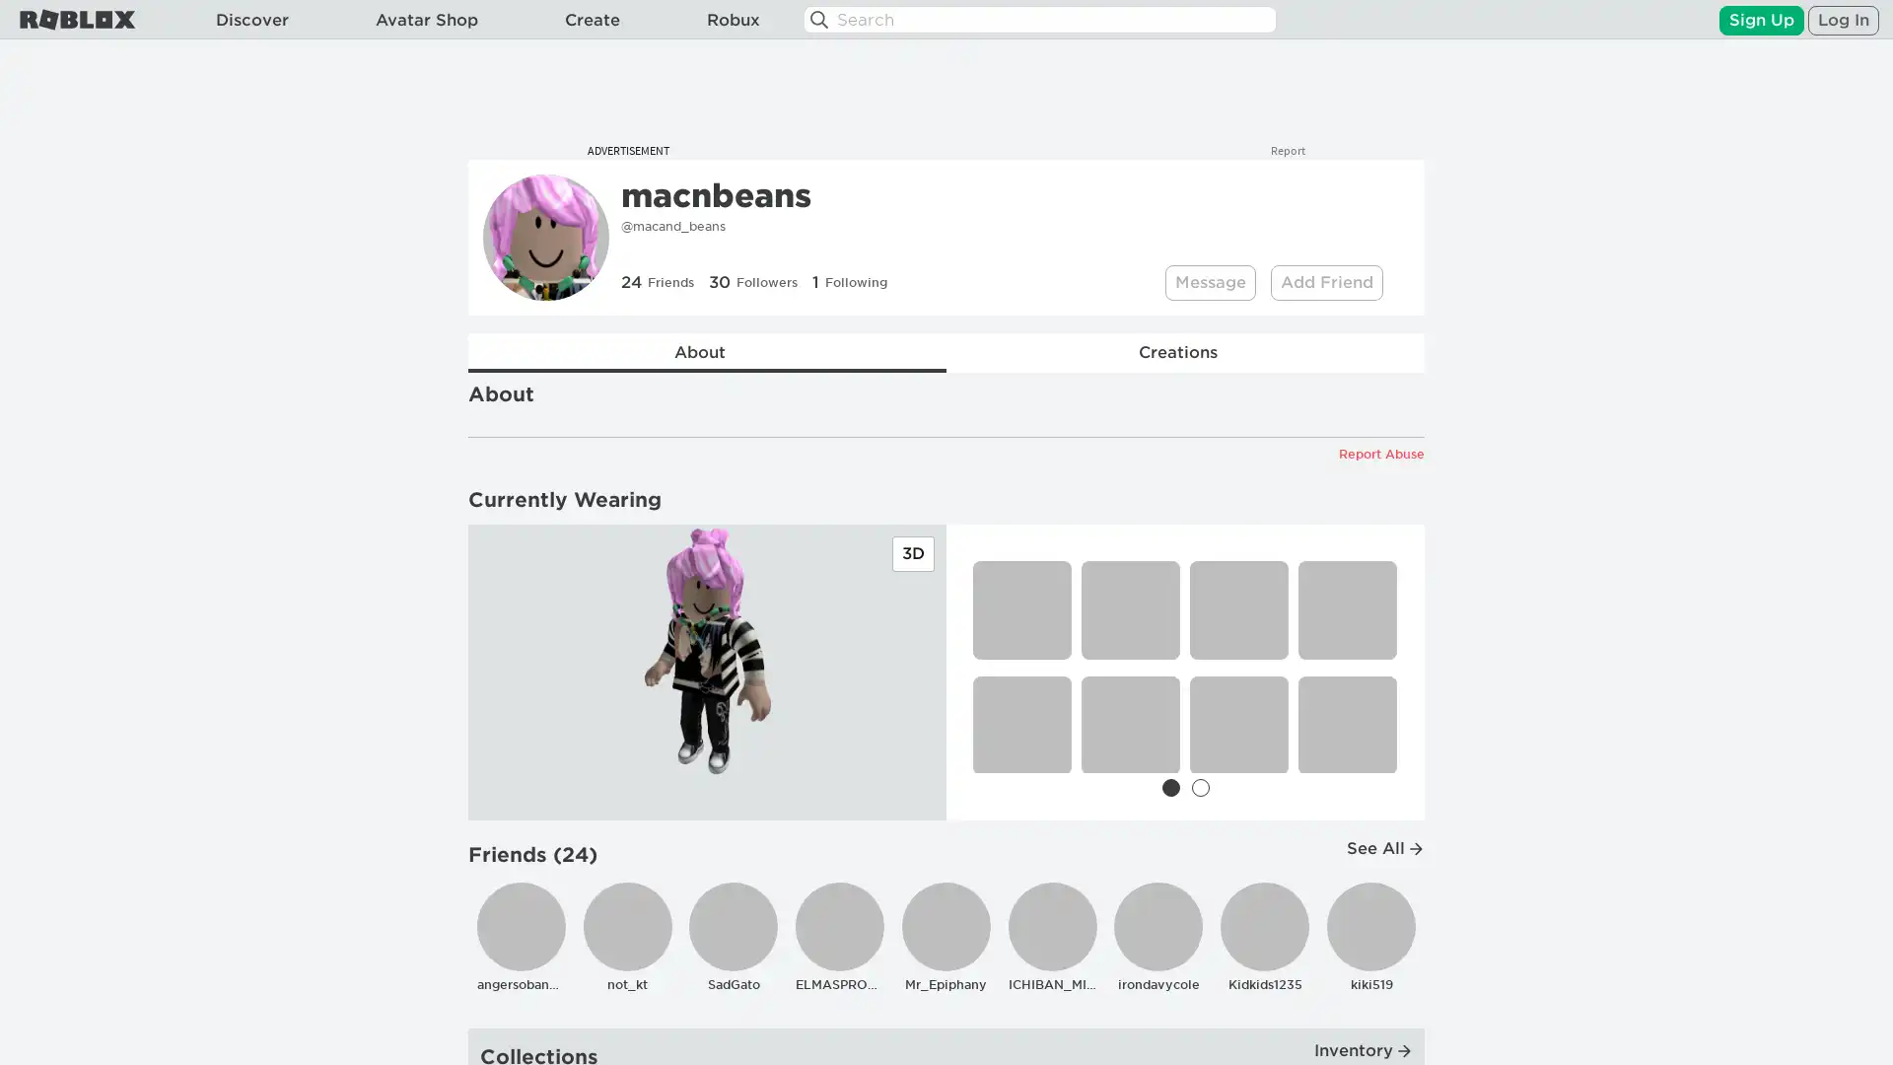 Image resolution: width=1893 pixels, height=1065 pixels. Describe the element at coordinates (1210, 282) in the screenshot. I see `Message` at that location.